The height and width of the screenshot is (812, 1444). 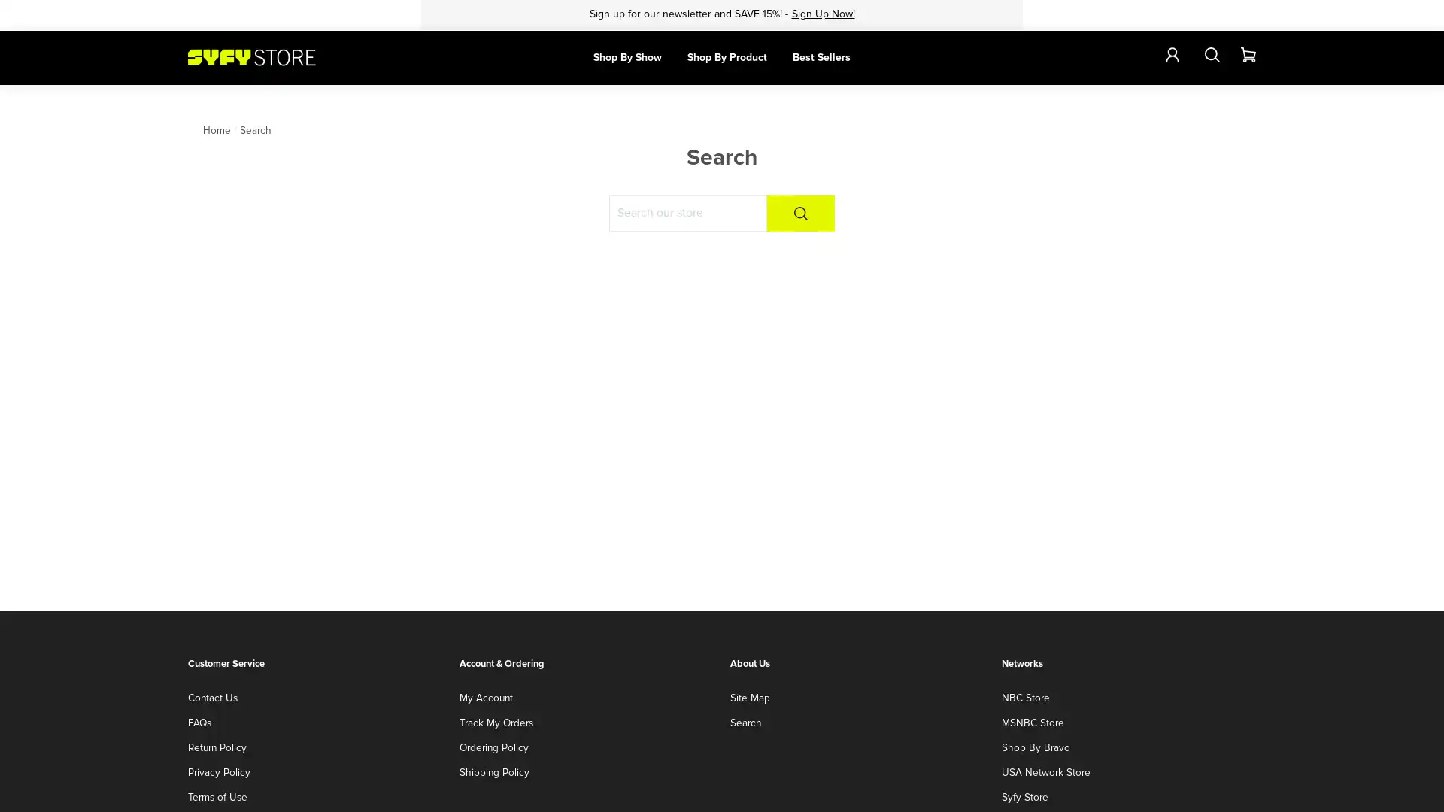 I want to click on SEARCH, so click(x=800, y=214).